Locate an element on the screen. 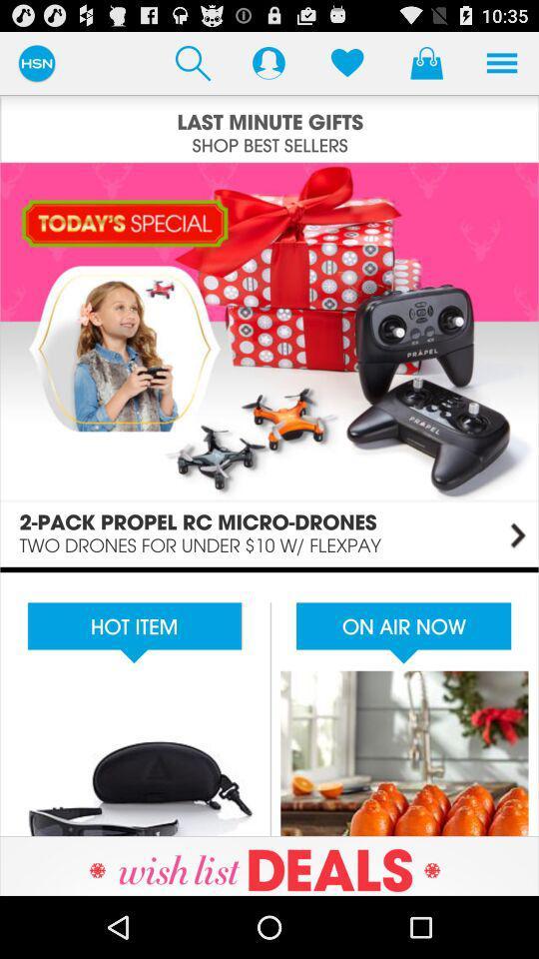 The height and width of the screenshot is (959, 539). items is located at coordinates (346, 62).